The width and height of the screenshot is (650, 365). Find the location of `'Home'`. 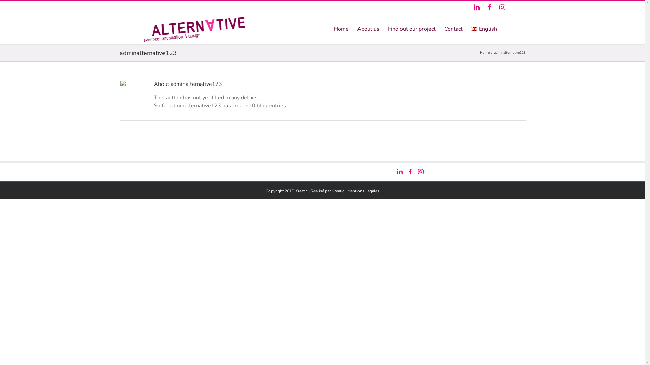

'Home' is located at coordinates (341, 28).